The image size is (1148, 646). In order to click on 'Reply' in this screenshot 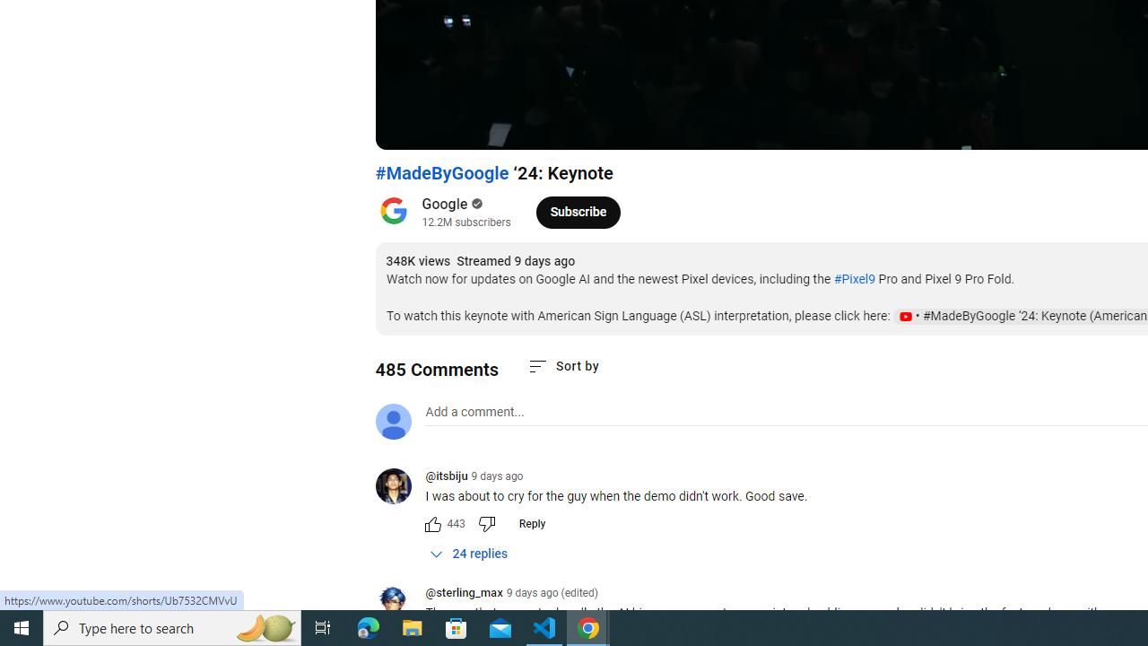, I will do `click(531, 523)`.